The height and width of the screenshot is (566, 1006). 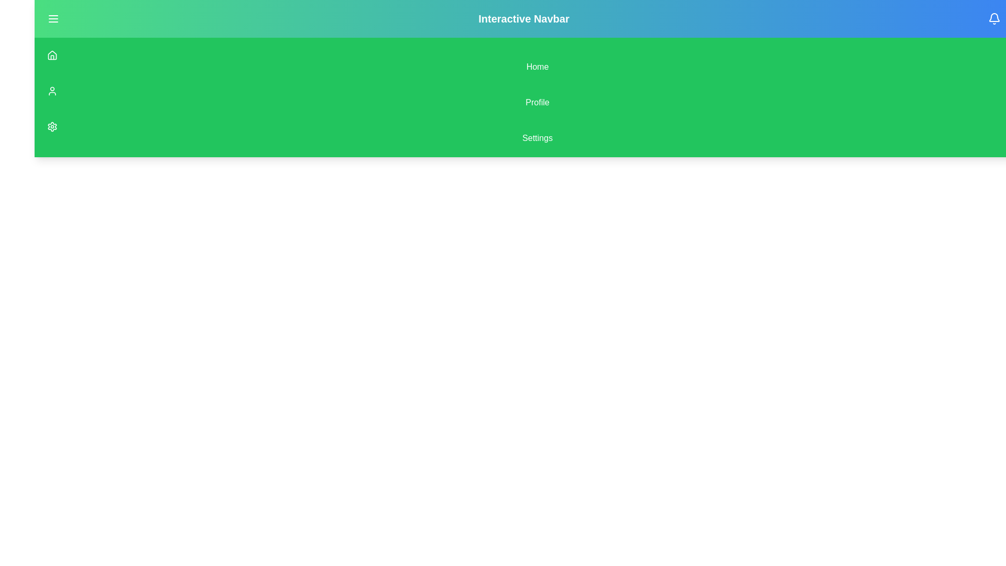 I want to click on the settings icon located near the bottom-left of the green vertical sidebar, so click(x=52, y=126).